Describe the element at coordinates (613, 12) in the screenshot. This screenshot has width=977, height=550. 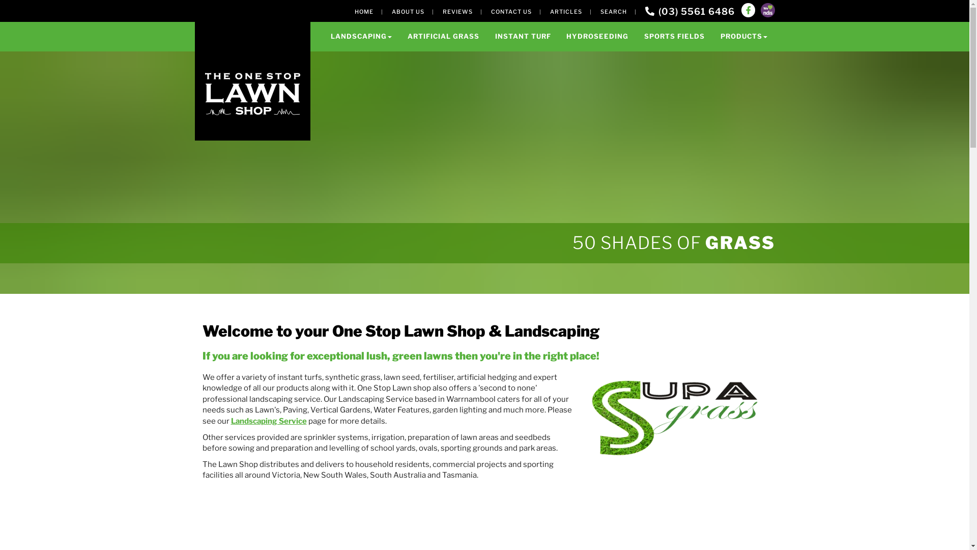
I see `'SEARCH'` at that location.